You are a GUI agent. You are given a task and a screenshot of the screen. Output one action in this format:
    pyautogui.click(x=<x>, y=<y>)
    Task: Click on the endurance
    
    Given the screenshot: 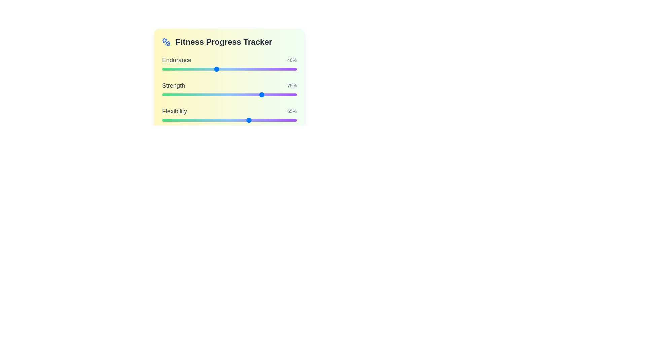 What is the action you would take?
    pyautogui.click(x=265, y=69)
    